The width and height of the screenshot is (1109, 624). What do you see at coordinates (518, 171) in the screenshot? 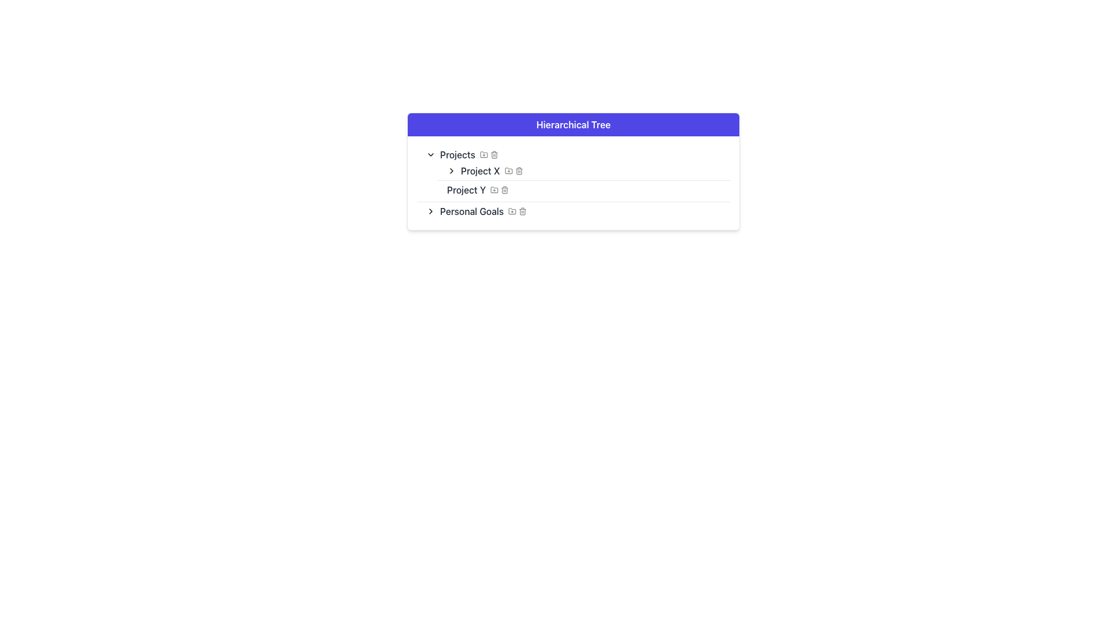
I see `the deletion icon button for 'Project X', which is the second icon from the left in the Projects section, following the folder icon` at bounding box center [518, 171].